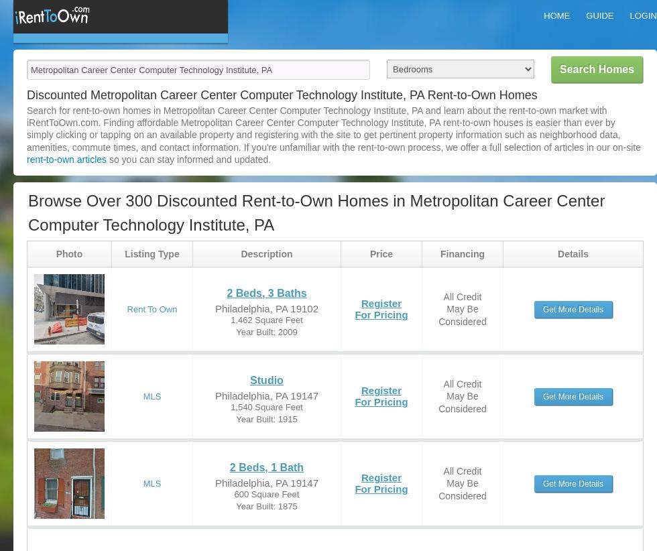  Describe the element at coordinates (369, 253) in the screenshot. I see `'Price'` at that location.